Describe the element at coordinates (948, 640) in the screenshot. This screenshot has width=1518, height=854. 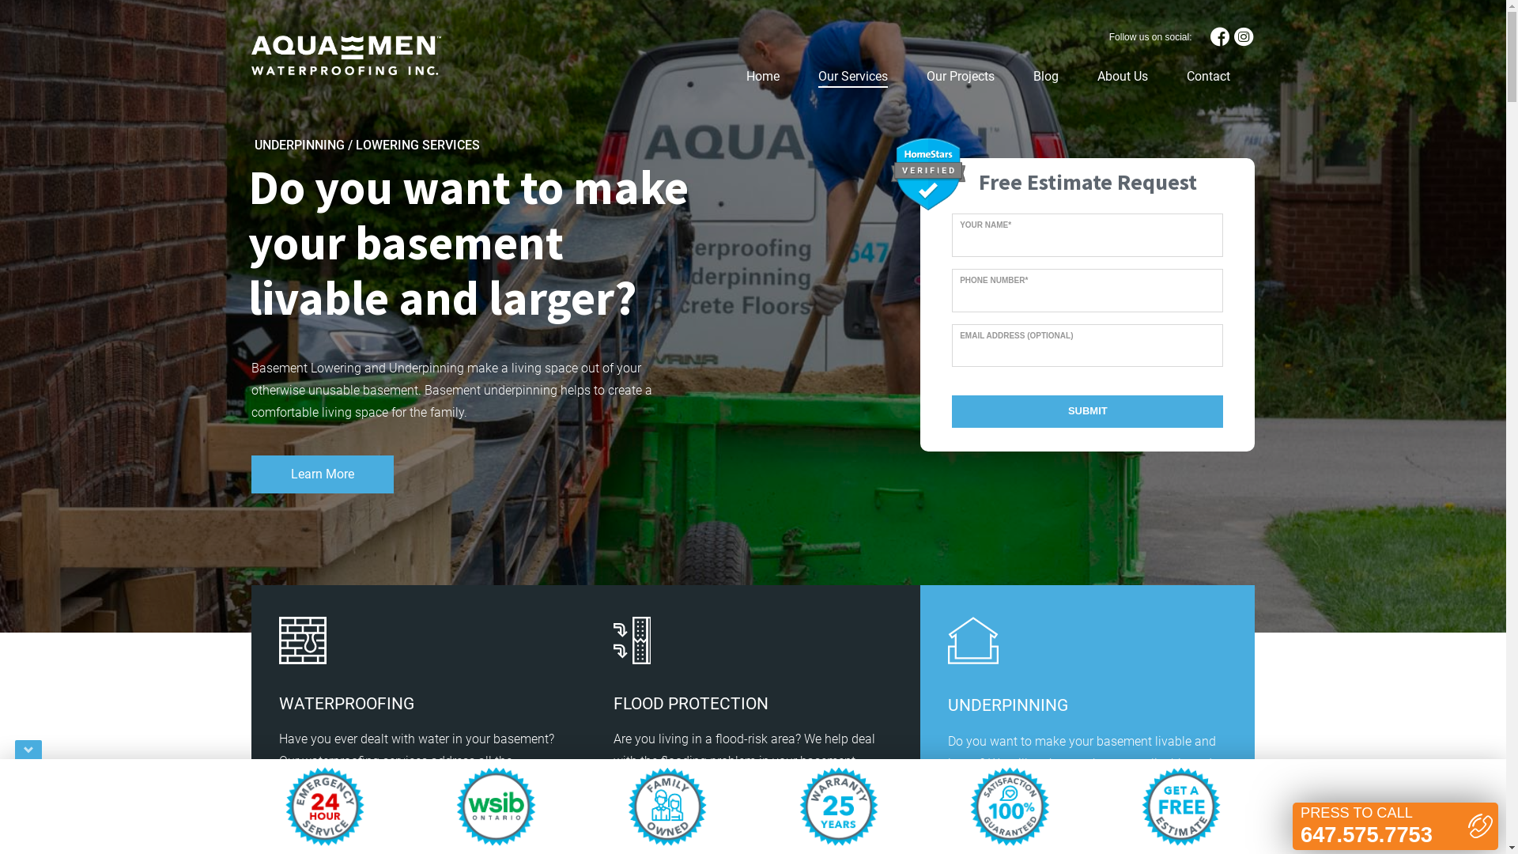
I see `'Aquamen-lowering-underpinning'` at that location.